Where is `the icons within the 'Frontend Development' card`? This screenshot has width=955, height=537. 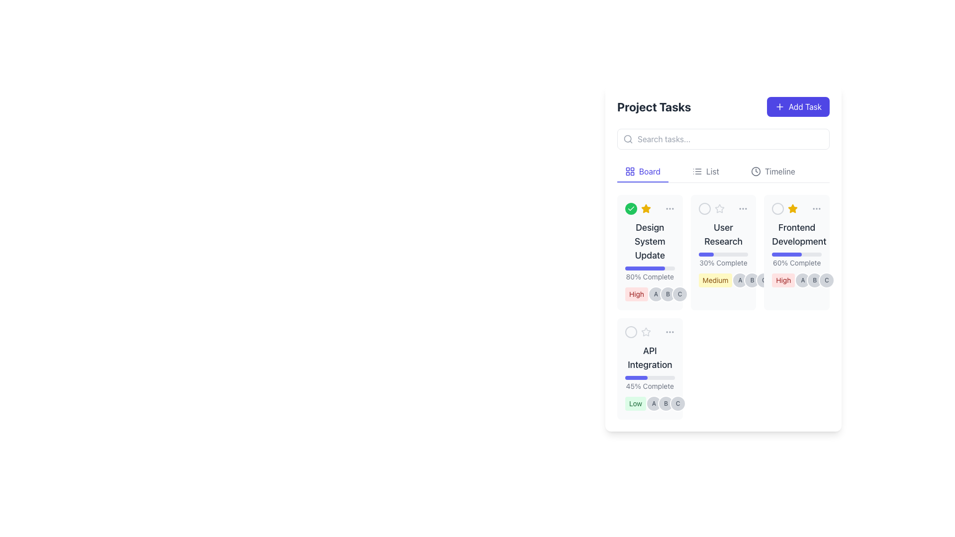
the icons within the 'Frontend Development' card is located at coordinates (797, 280).